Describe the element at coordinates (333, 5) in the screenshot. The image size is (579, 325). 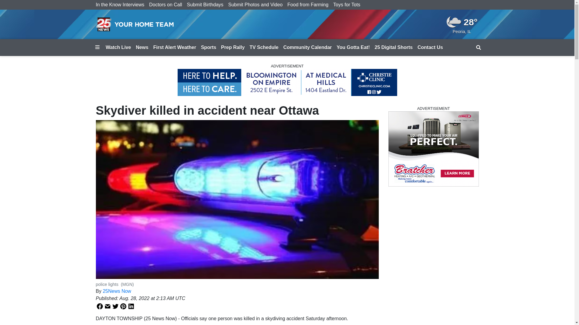
I see `'Toys for Tots'` at that location.